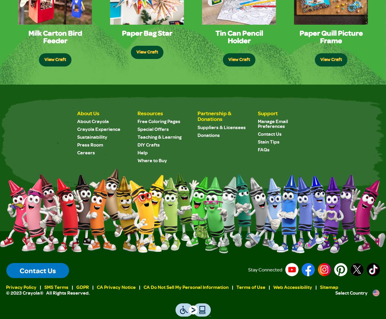 This screenshot has height=319, width=386. I want to click on '2023 Crayola®   All Rights Reserved.', so click(50, 292).